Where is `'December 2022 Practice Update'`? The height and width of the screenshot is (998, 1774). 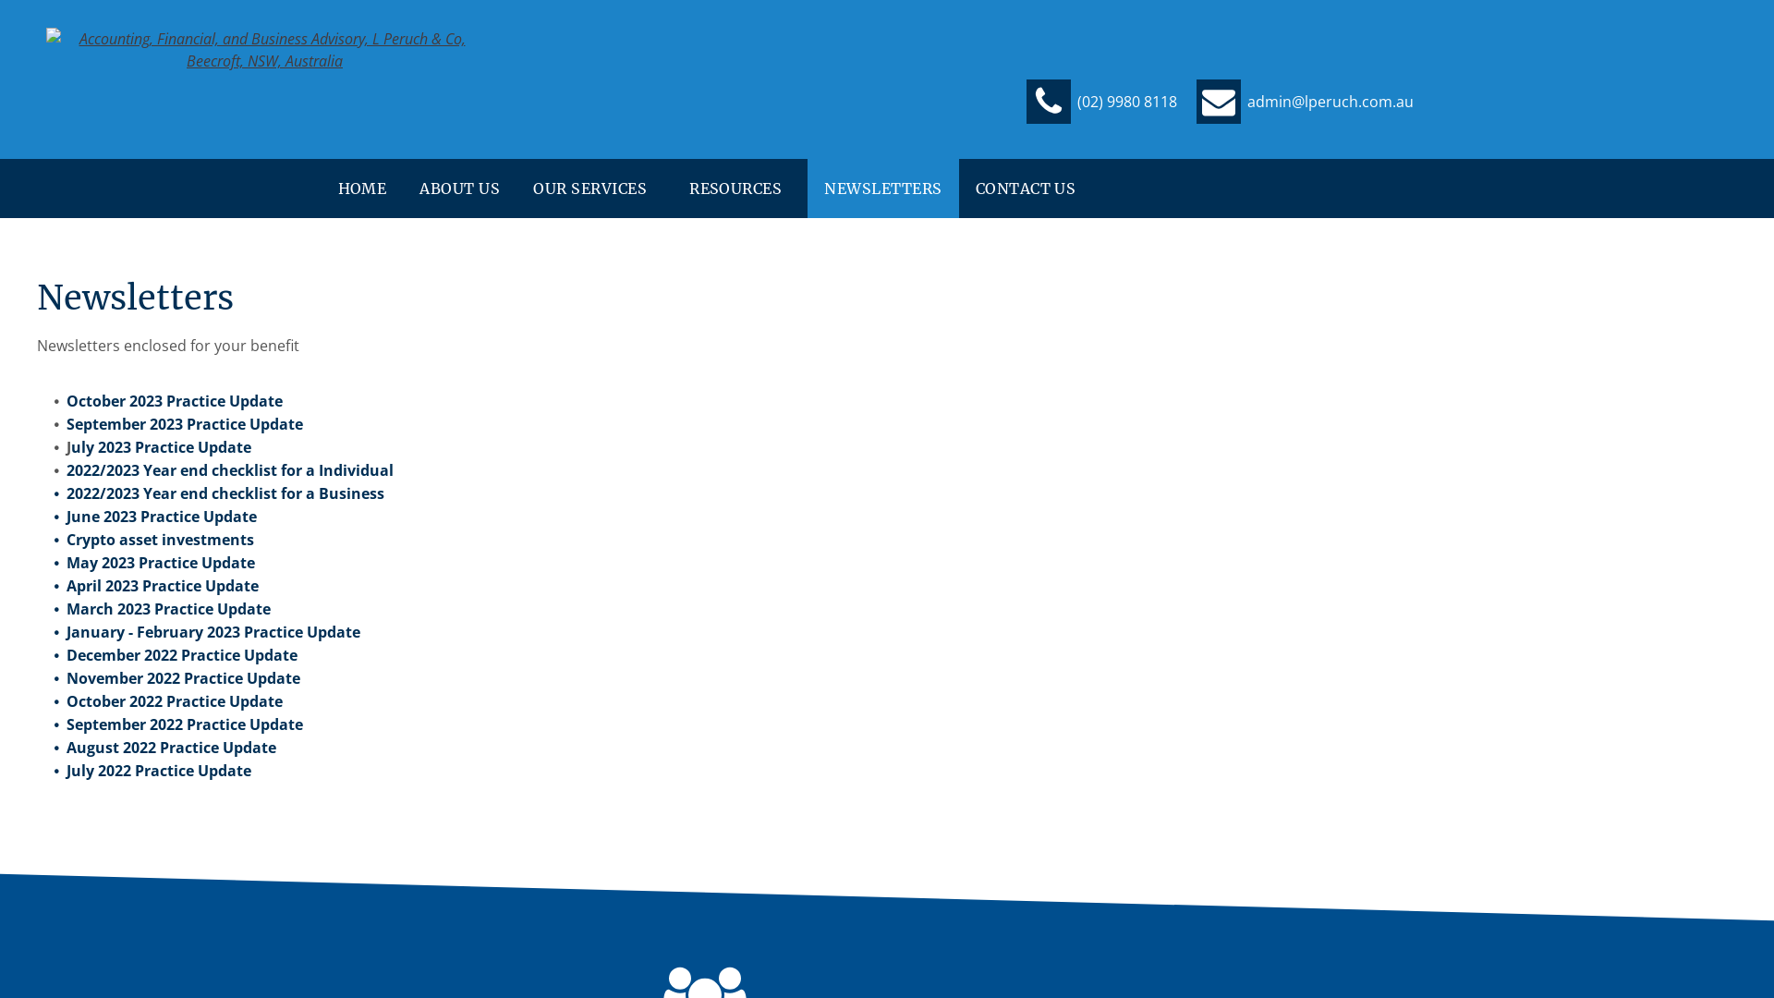 'December 2022 Practice Update' is located at coordinates (181, 654).